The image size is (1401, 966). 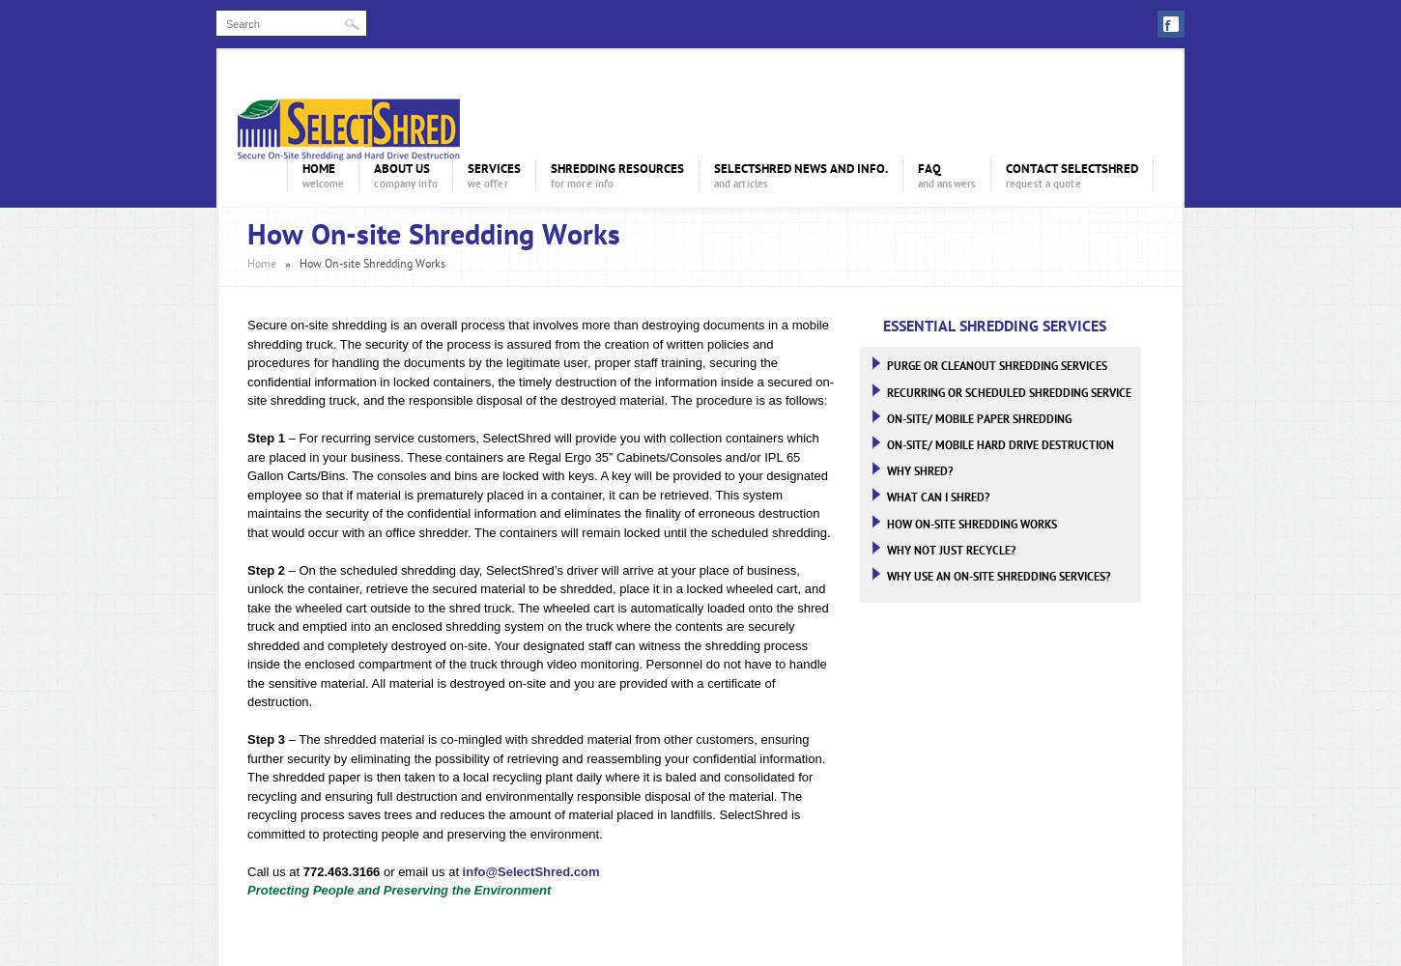 I want to click on 'Recurring or Scheduled Shredding Service', so click(x=884, y=392).